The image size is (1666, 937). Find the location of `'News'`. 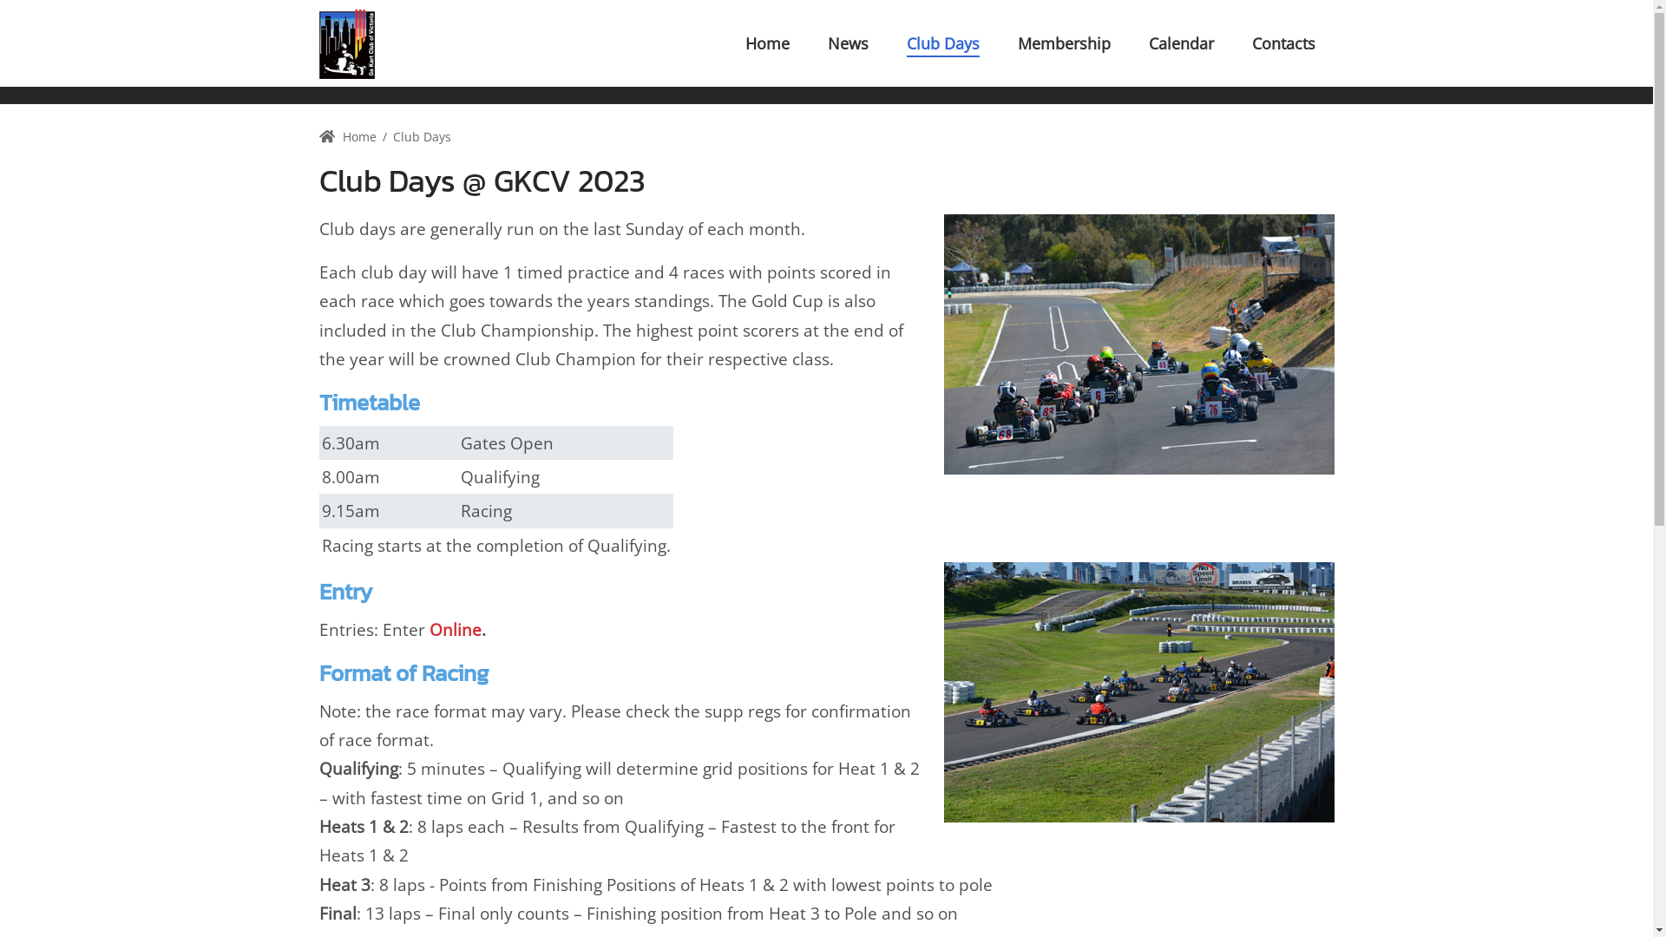

'News' is located at coordinates (848, 43).